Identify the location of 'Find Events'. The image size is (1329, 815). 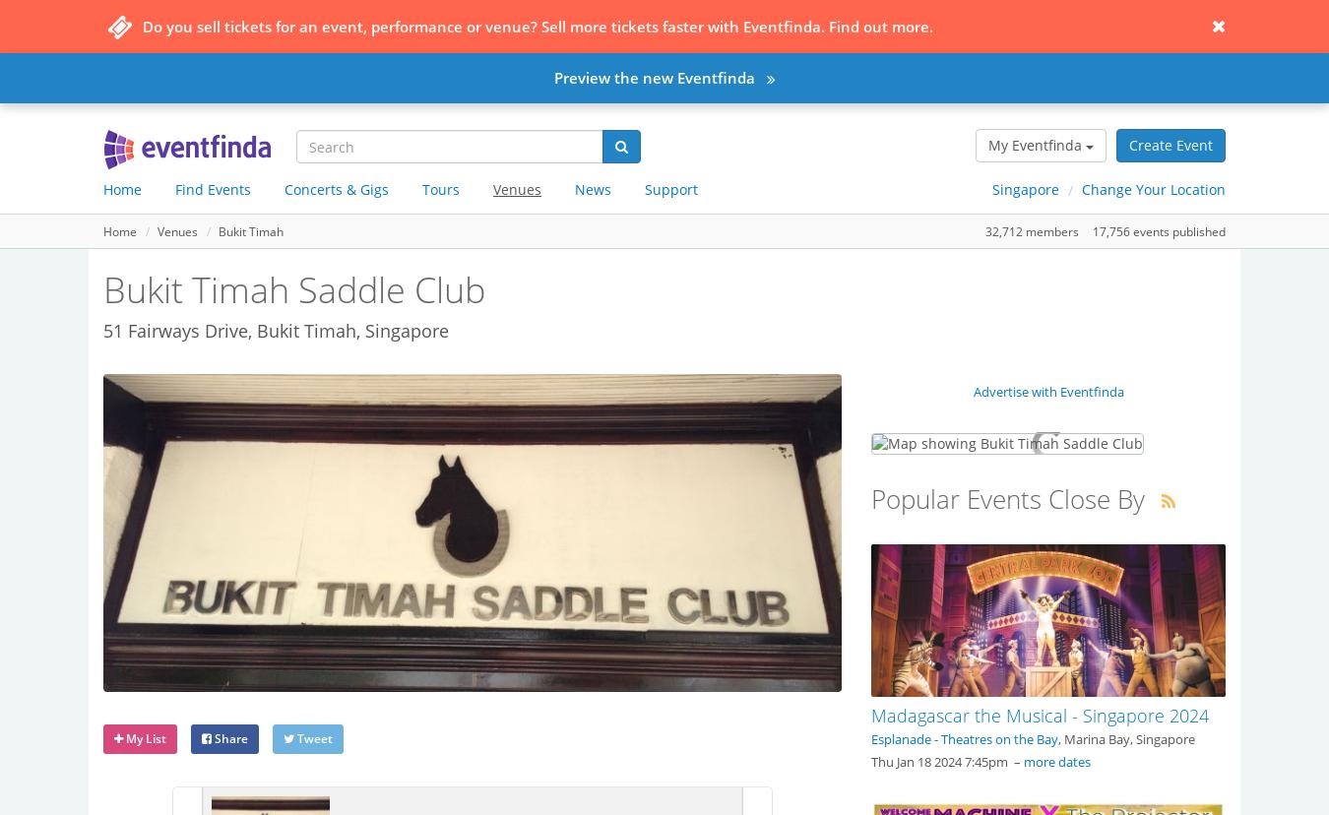
(175, 188).